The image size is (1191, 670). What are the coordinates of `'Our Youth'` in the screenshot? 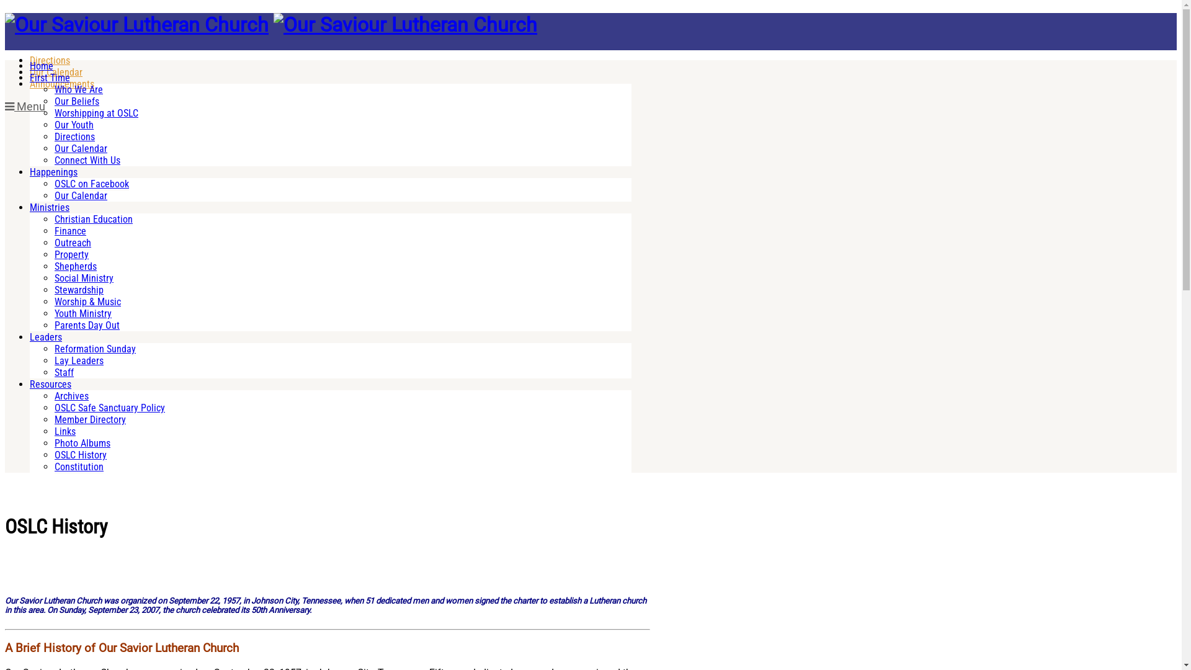 It's located at (73, 125).